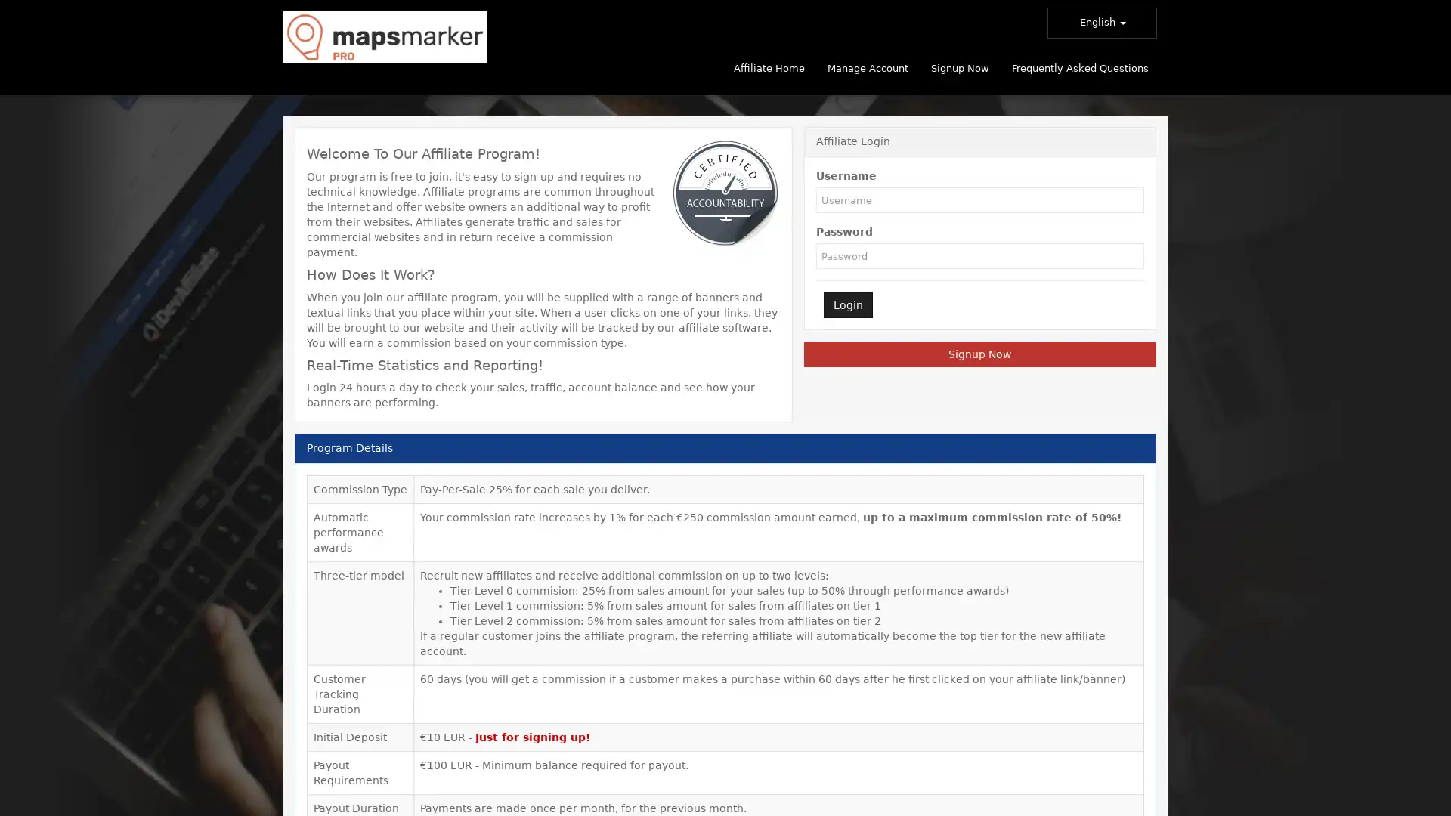 The width and height of the screenshot is (1451, 816). What do you see at coordinates (847, 305) in the screenshot?
I see `Login` at bounding box center [847, 305].